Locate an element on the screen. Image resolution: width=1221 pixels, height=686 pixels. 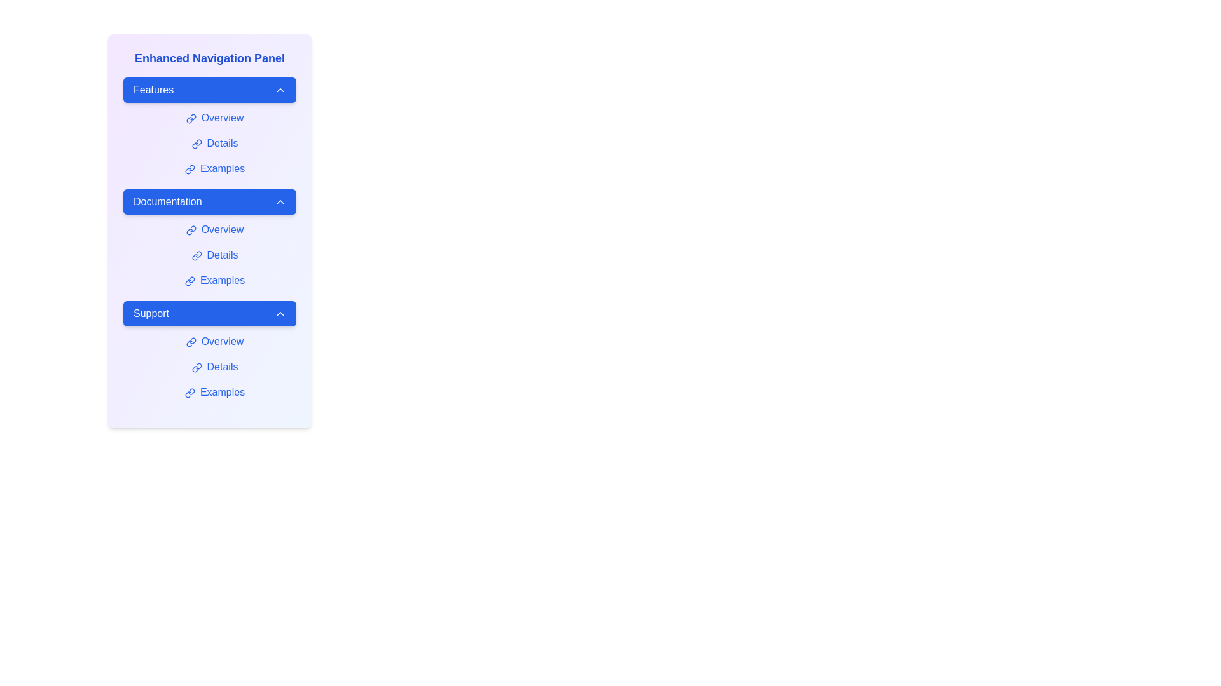
the upper chain link icon in the 'Documentation' section of the 'Enhanced Navigation Panel' which is aligned to the left of the 'Overview' text is located at coordinates (192, 229).